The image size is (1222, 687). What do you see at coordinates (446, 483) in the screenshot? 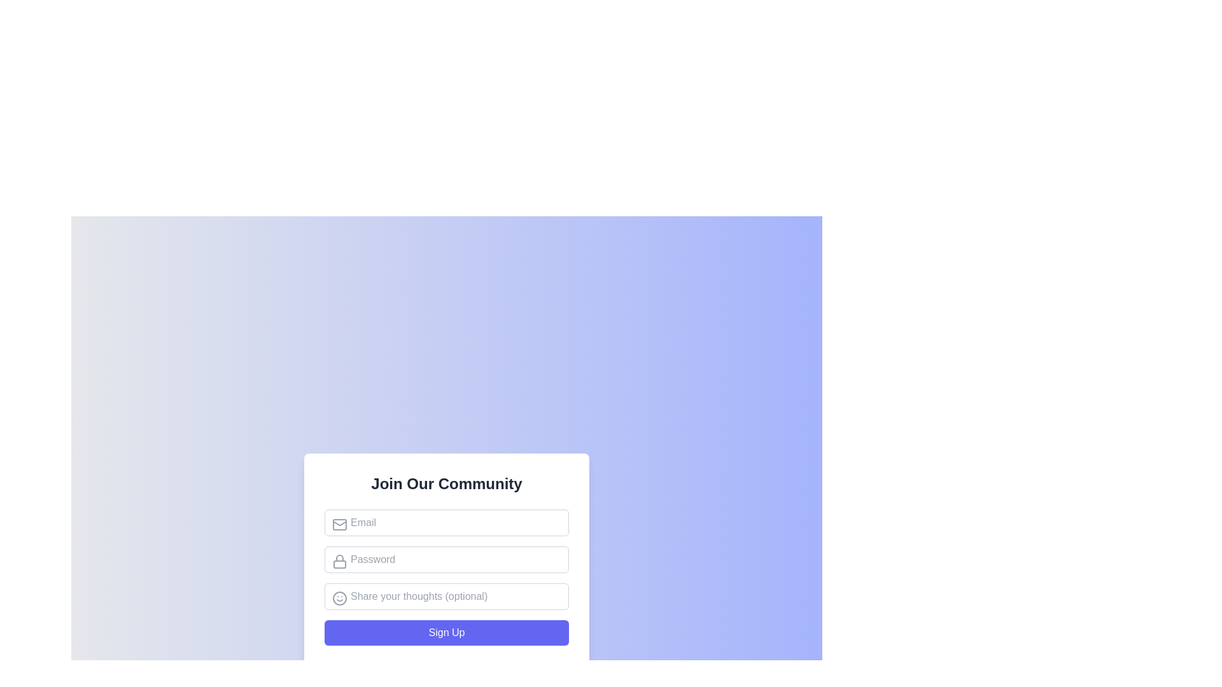
I see `the text label displaying 'Join Our Community', which is centrally aligned and prominently styled in bold, dark font above the input fields and 'Sign Up' button` at bounding box center [446, 483].